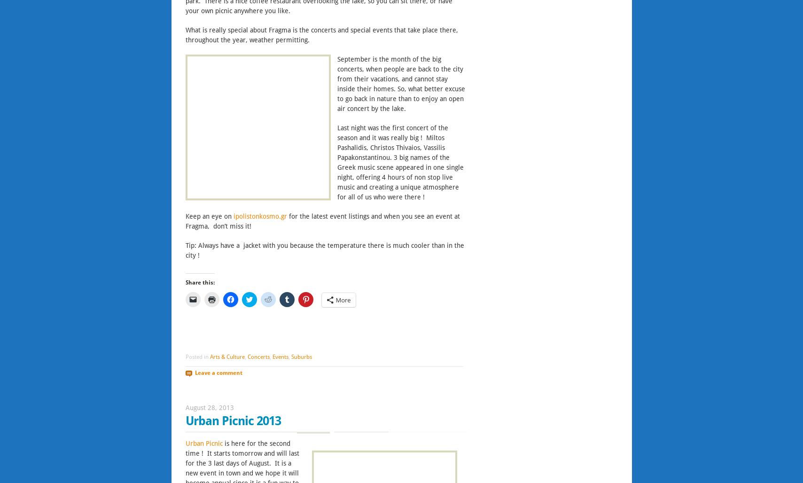 Image resolution: width=803 pixels, height=483 pixels. I want to click on 'Arts & Culture', so click(226, 356).